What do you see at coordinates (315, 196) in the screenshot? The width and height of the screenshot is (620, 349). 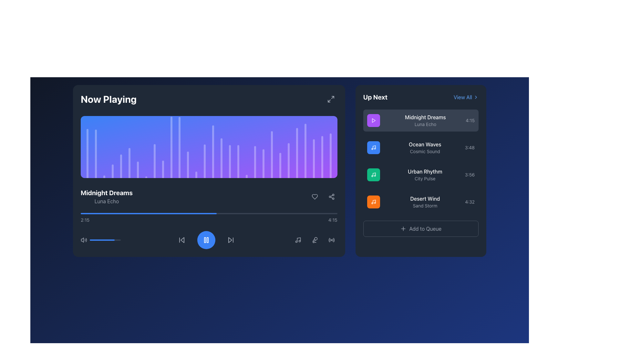 I see `the heart-shaped icon button with a hollow center, outlined in gray, located in the bottom right corner of the 'Now Playing' panel` at bounding box center [315, 196].